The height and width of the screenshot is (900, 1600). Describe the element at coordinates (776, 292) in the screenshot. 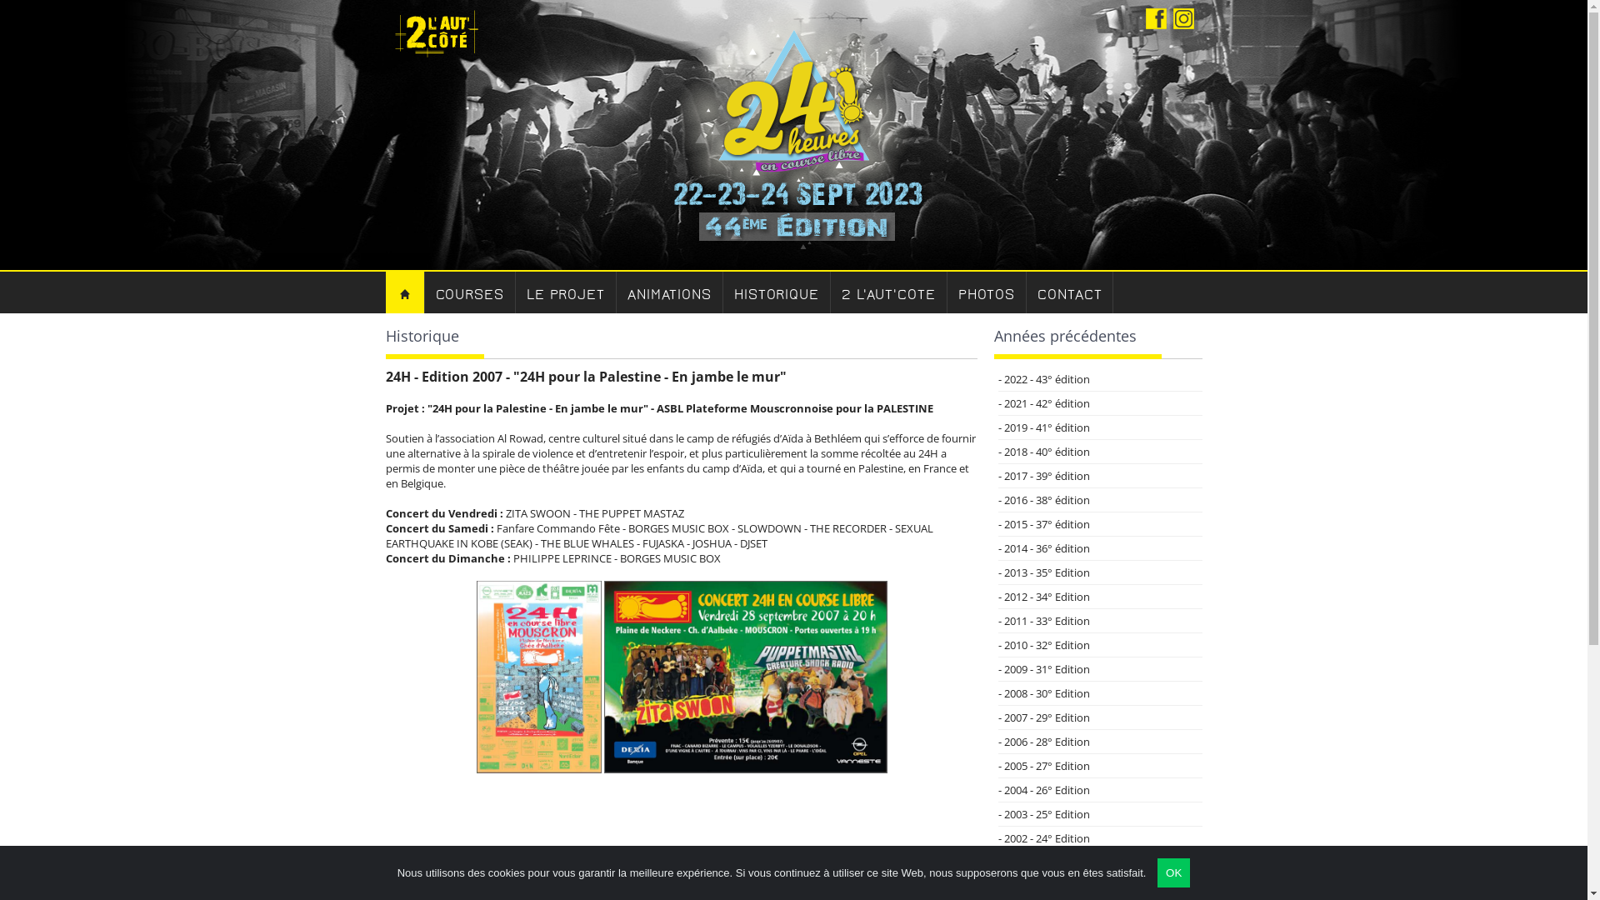

I see `'HISTORIQUE'` at that location.